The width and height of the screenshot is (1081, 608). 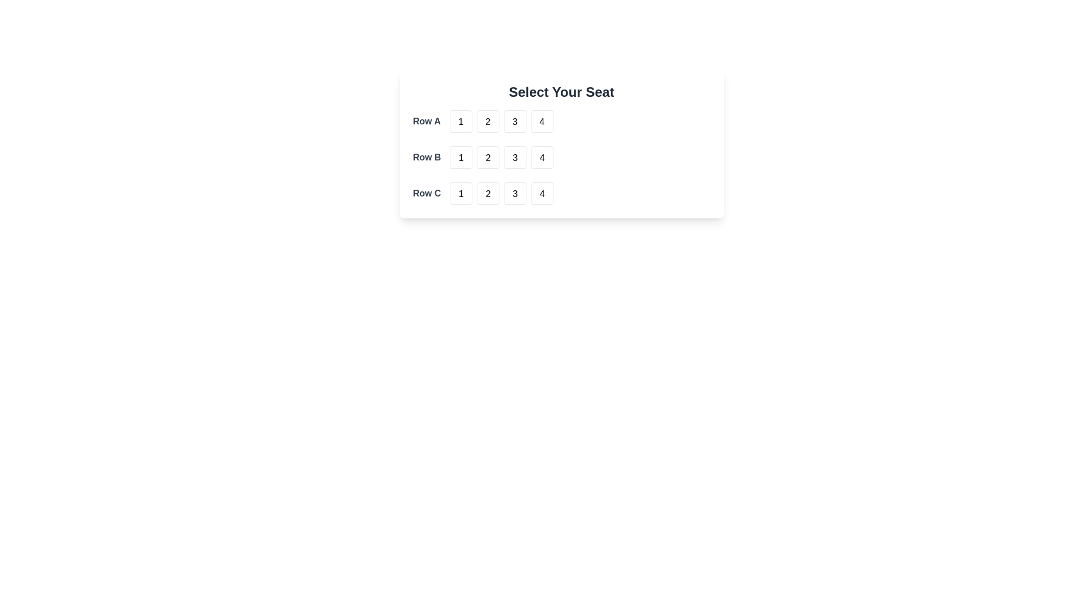 What do you see at coordinates (461, 193) in the screenshot?
I see `the first selectable seat button in Row C` at bounding box center [461, 193].